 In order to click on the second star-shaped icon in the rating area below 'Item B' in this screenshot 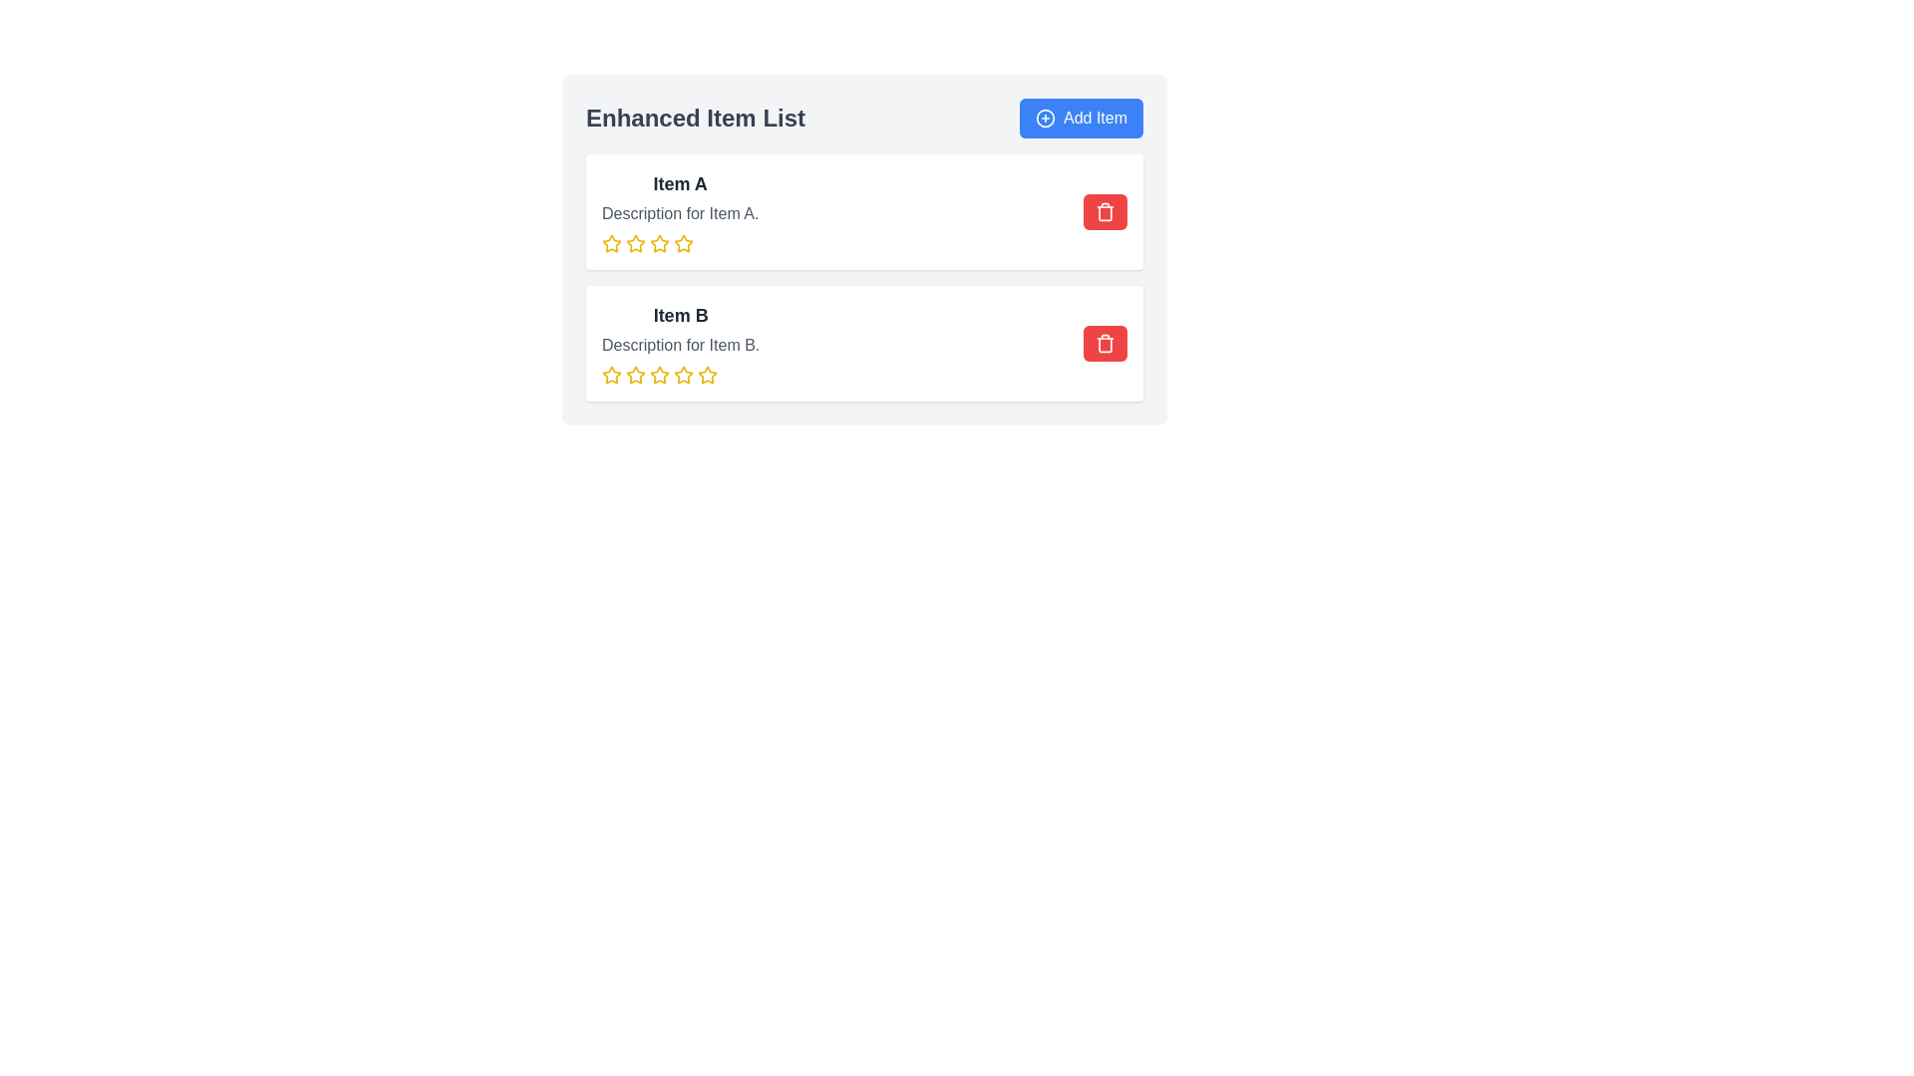, I will do `click(660, 375)`.